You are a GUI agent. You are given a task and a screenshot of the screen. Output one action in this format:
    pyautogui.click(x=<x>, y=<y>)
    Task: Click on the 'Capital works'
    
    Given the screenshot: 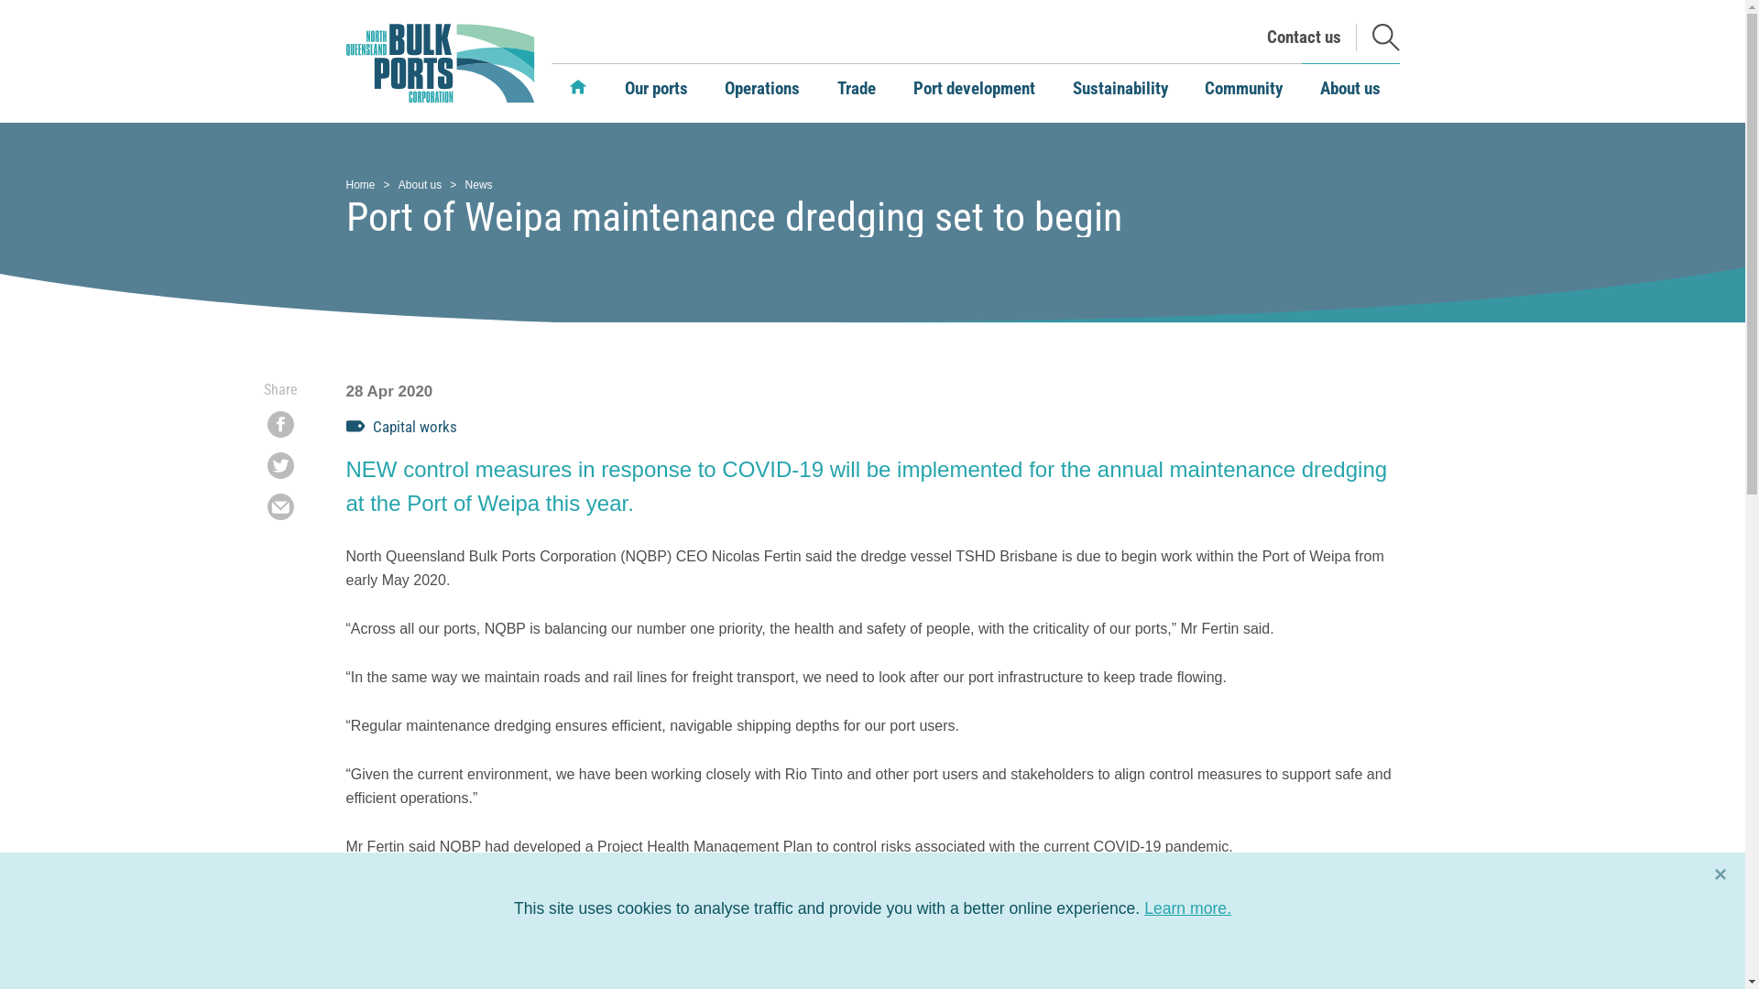 What is the action you would take?
    pyautogui.click(x=400, y=427)
    